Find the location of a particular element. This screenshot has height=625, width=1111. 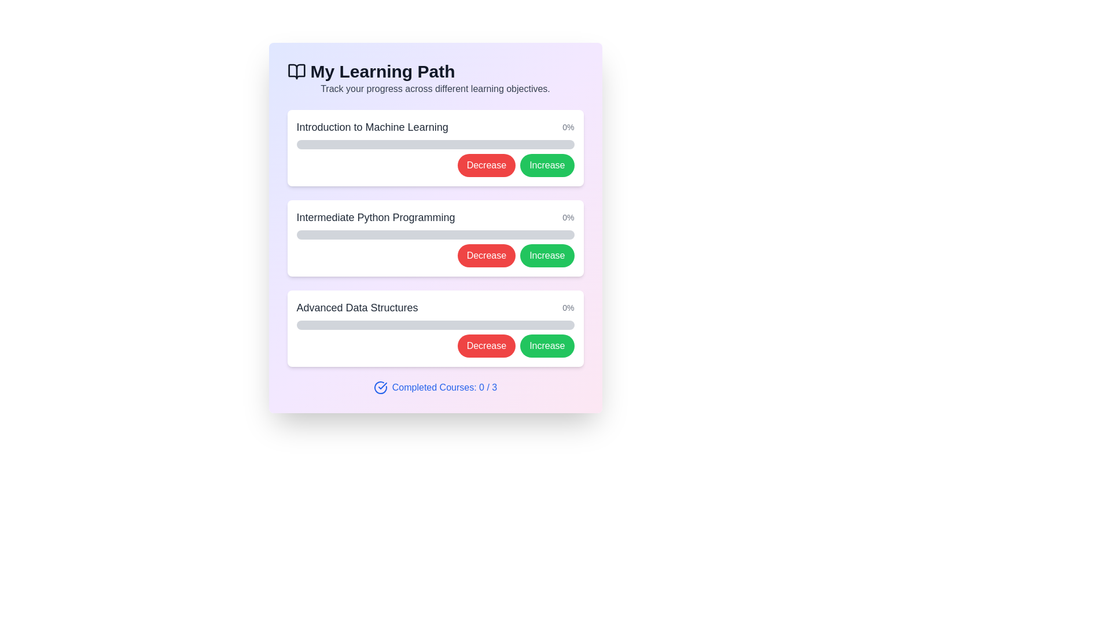

the text label reading 'Introduction to Machine Learning' which is styled in dark gray and positioned at the top of the card layout is located at coordinates (372, 127).